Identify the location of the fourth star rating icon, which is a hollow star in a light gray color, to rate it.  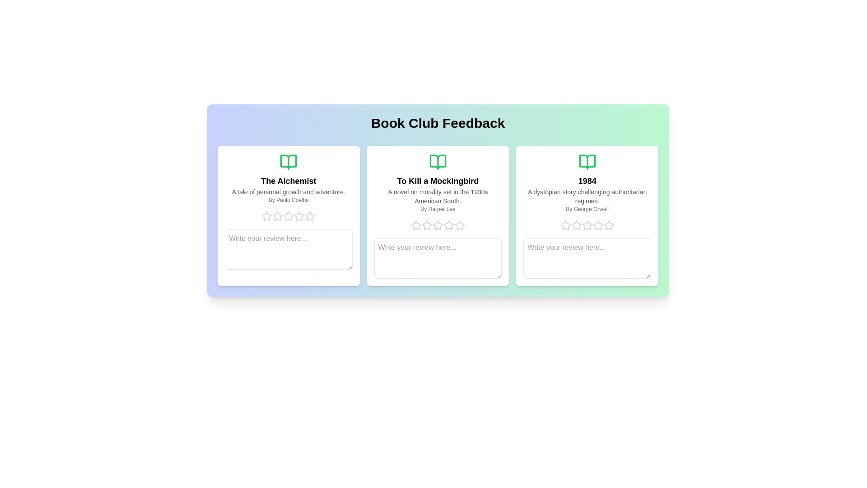
(438, 225).